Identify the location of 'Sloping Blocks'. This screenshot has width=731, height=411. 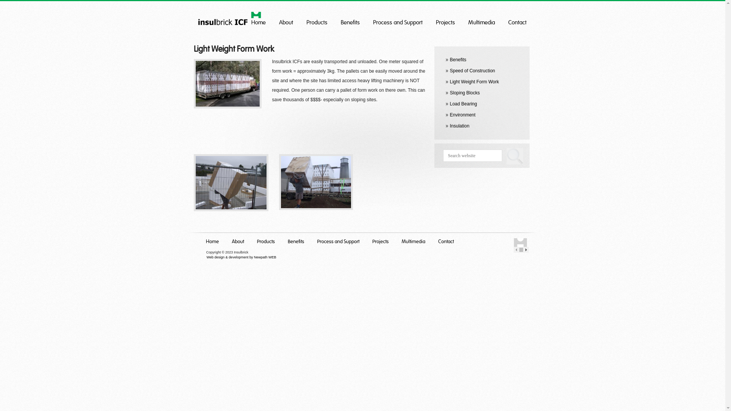
(464, 92).